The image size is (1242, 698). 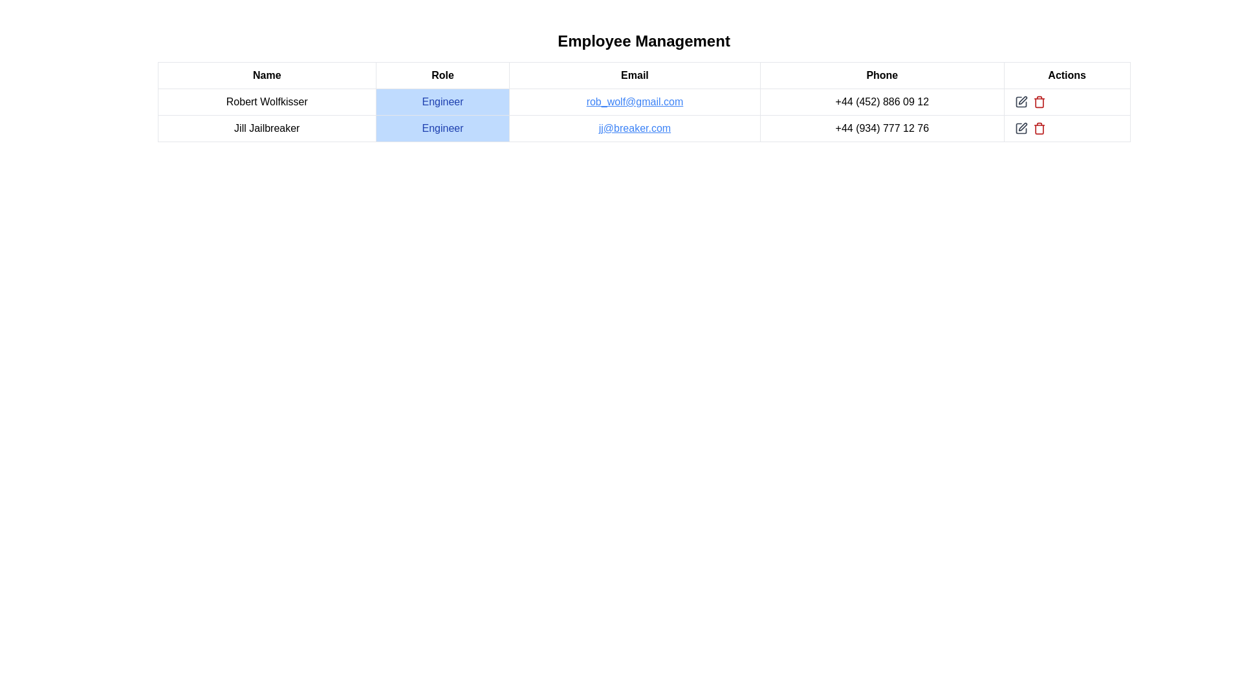 What do you see at coordinates (635, 101) in the screenshot?
I see `the text link displaying the email address for Robert Wolfkisser` at bounding box center [635, 101].